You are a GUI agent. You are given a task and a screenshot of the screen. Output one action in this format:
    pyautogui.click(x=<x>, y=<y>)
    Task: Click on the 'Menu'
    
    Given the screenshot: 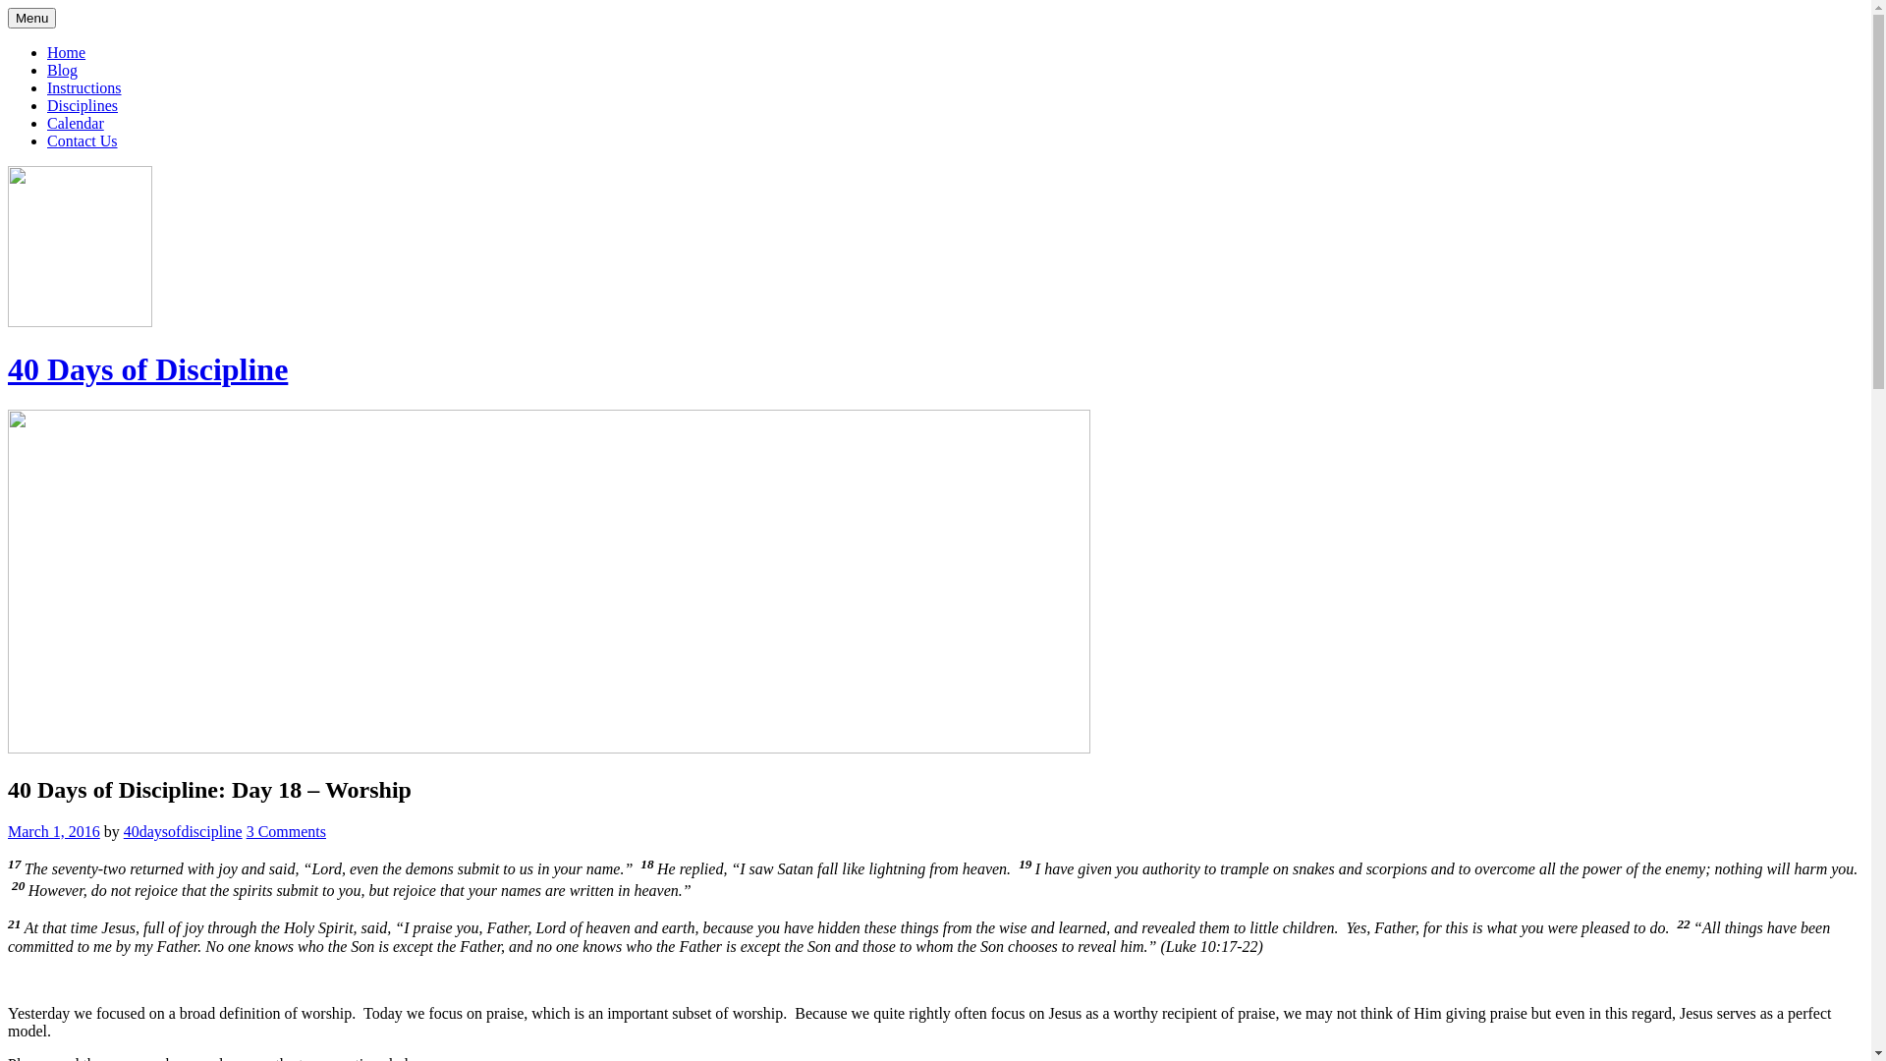 What is the action you would take?
    pyautogui.click(x=31, y=18)
    